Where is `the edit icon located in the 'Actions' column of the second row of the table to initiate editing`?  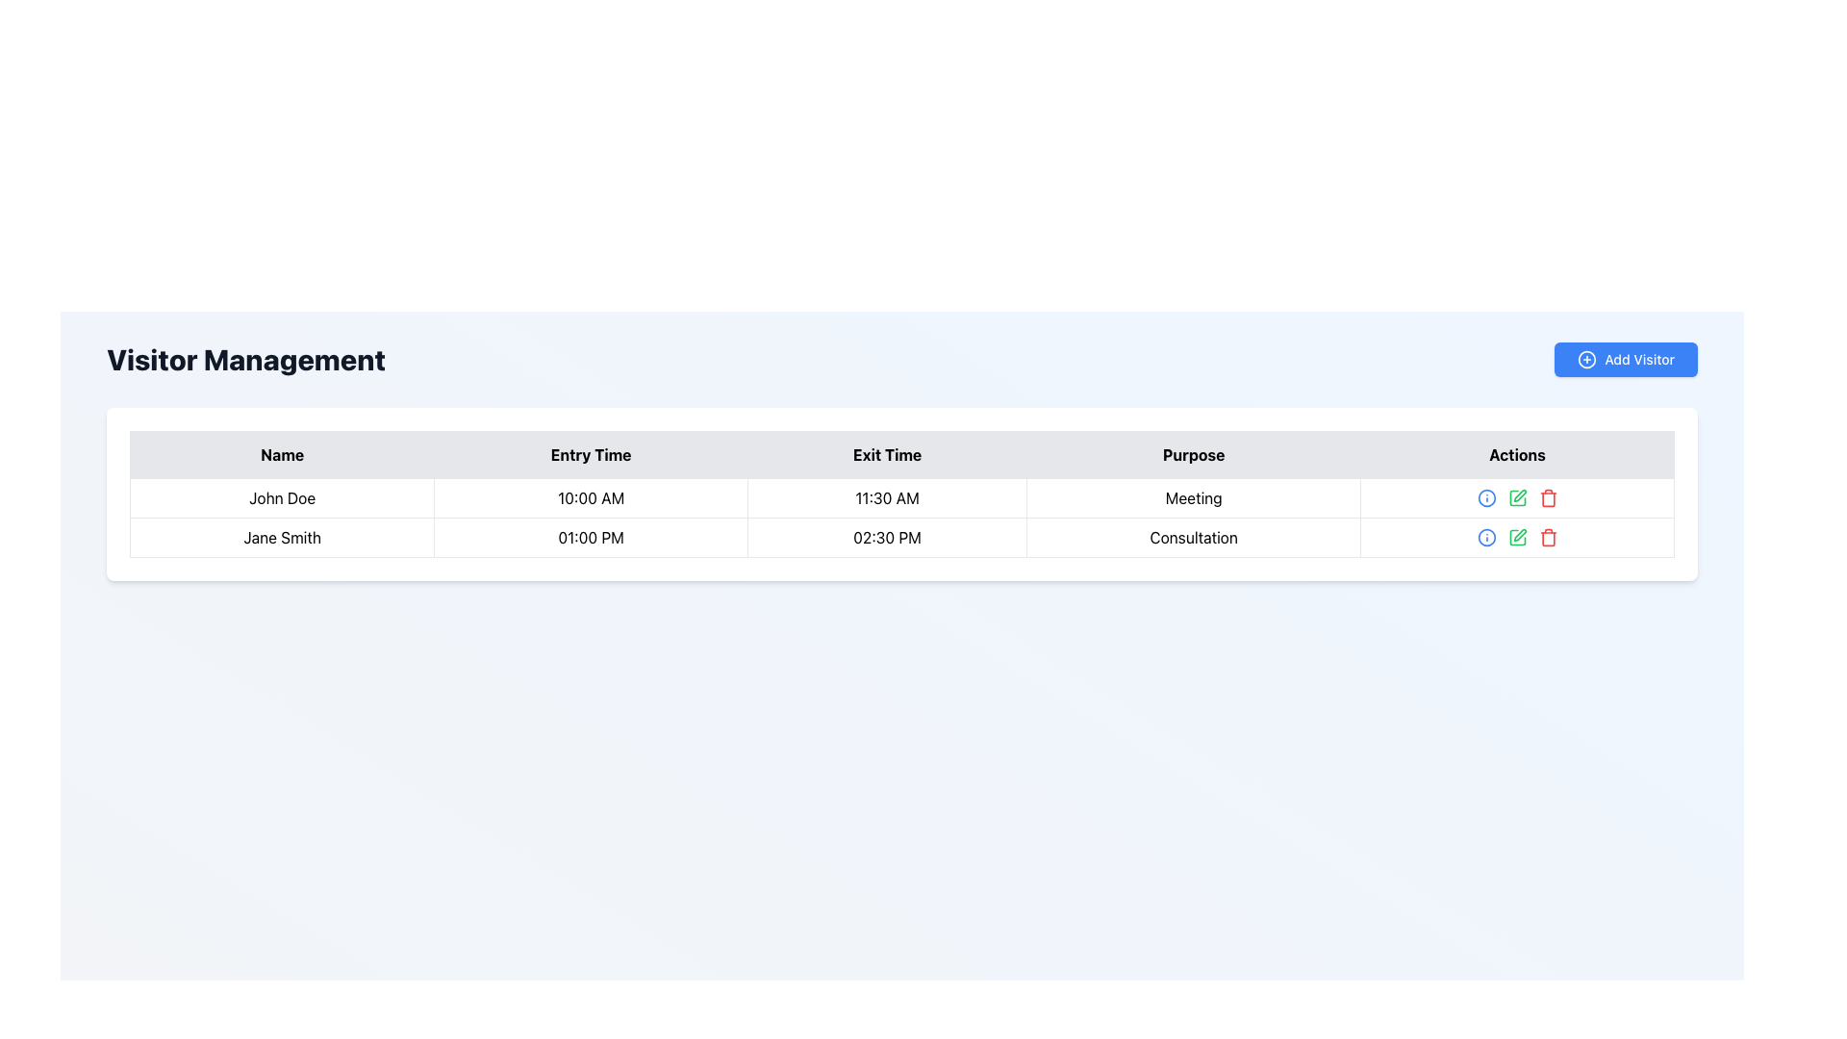 the edit icon located in the 'Actions' column of the second row of the table to initiate editing is located at coordinates (1518, 494).